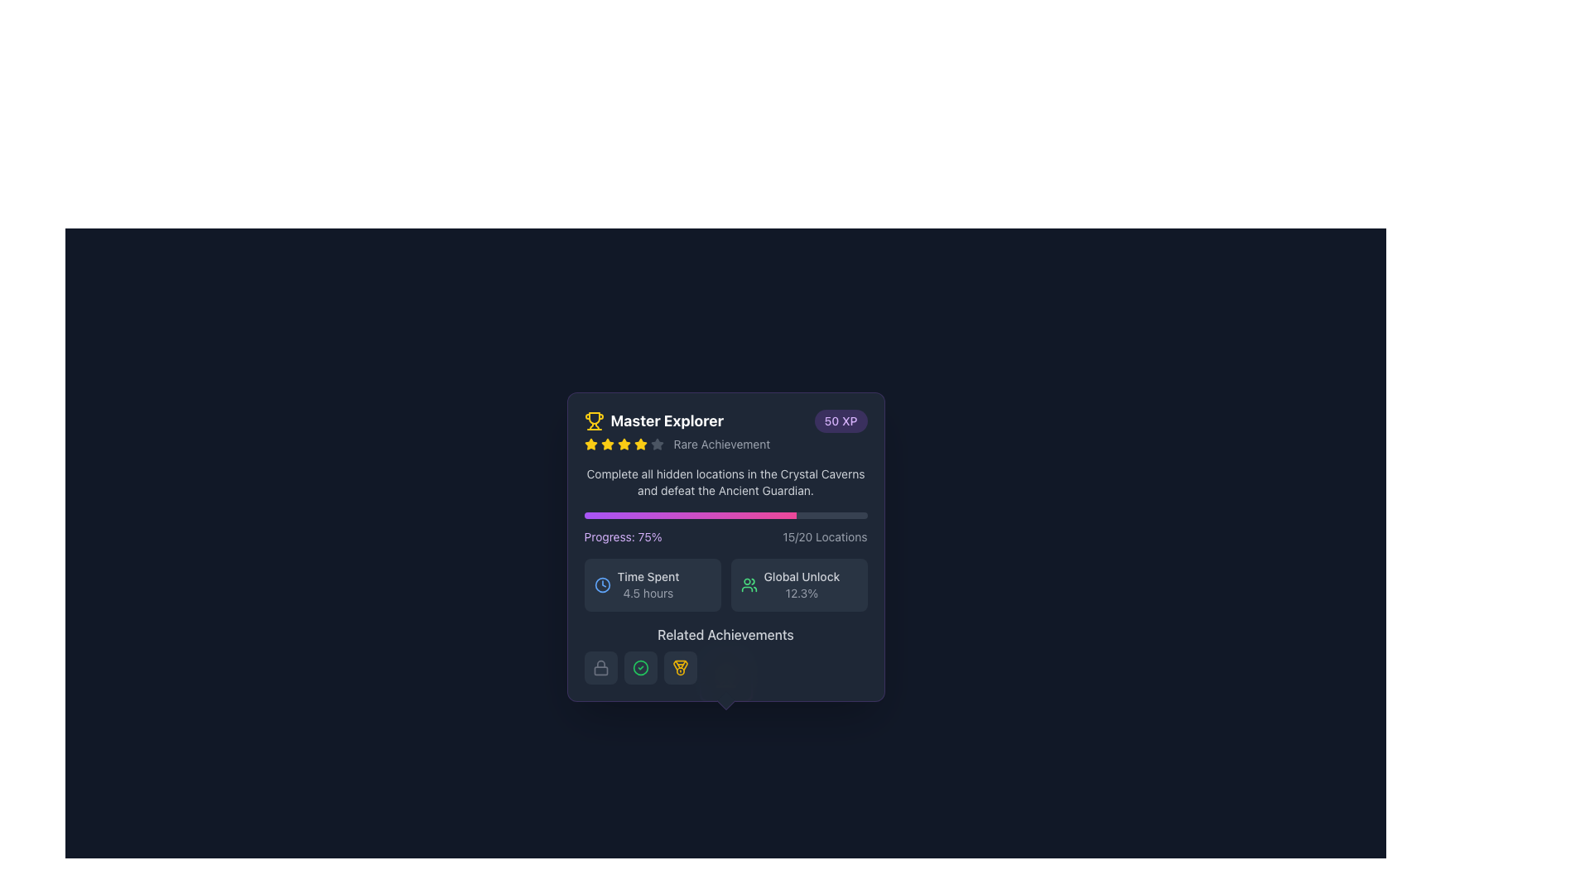  I want to click on the third star icon in the row of five stars under the title 'Master Explorer', so click(606, 443).